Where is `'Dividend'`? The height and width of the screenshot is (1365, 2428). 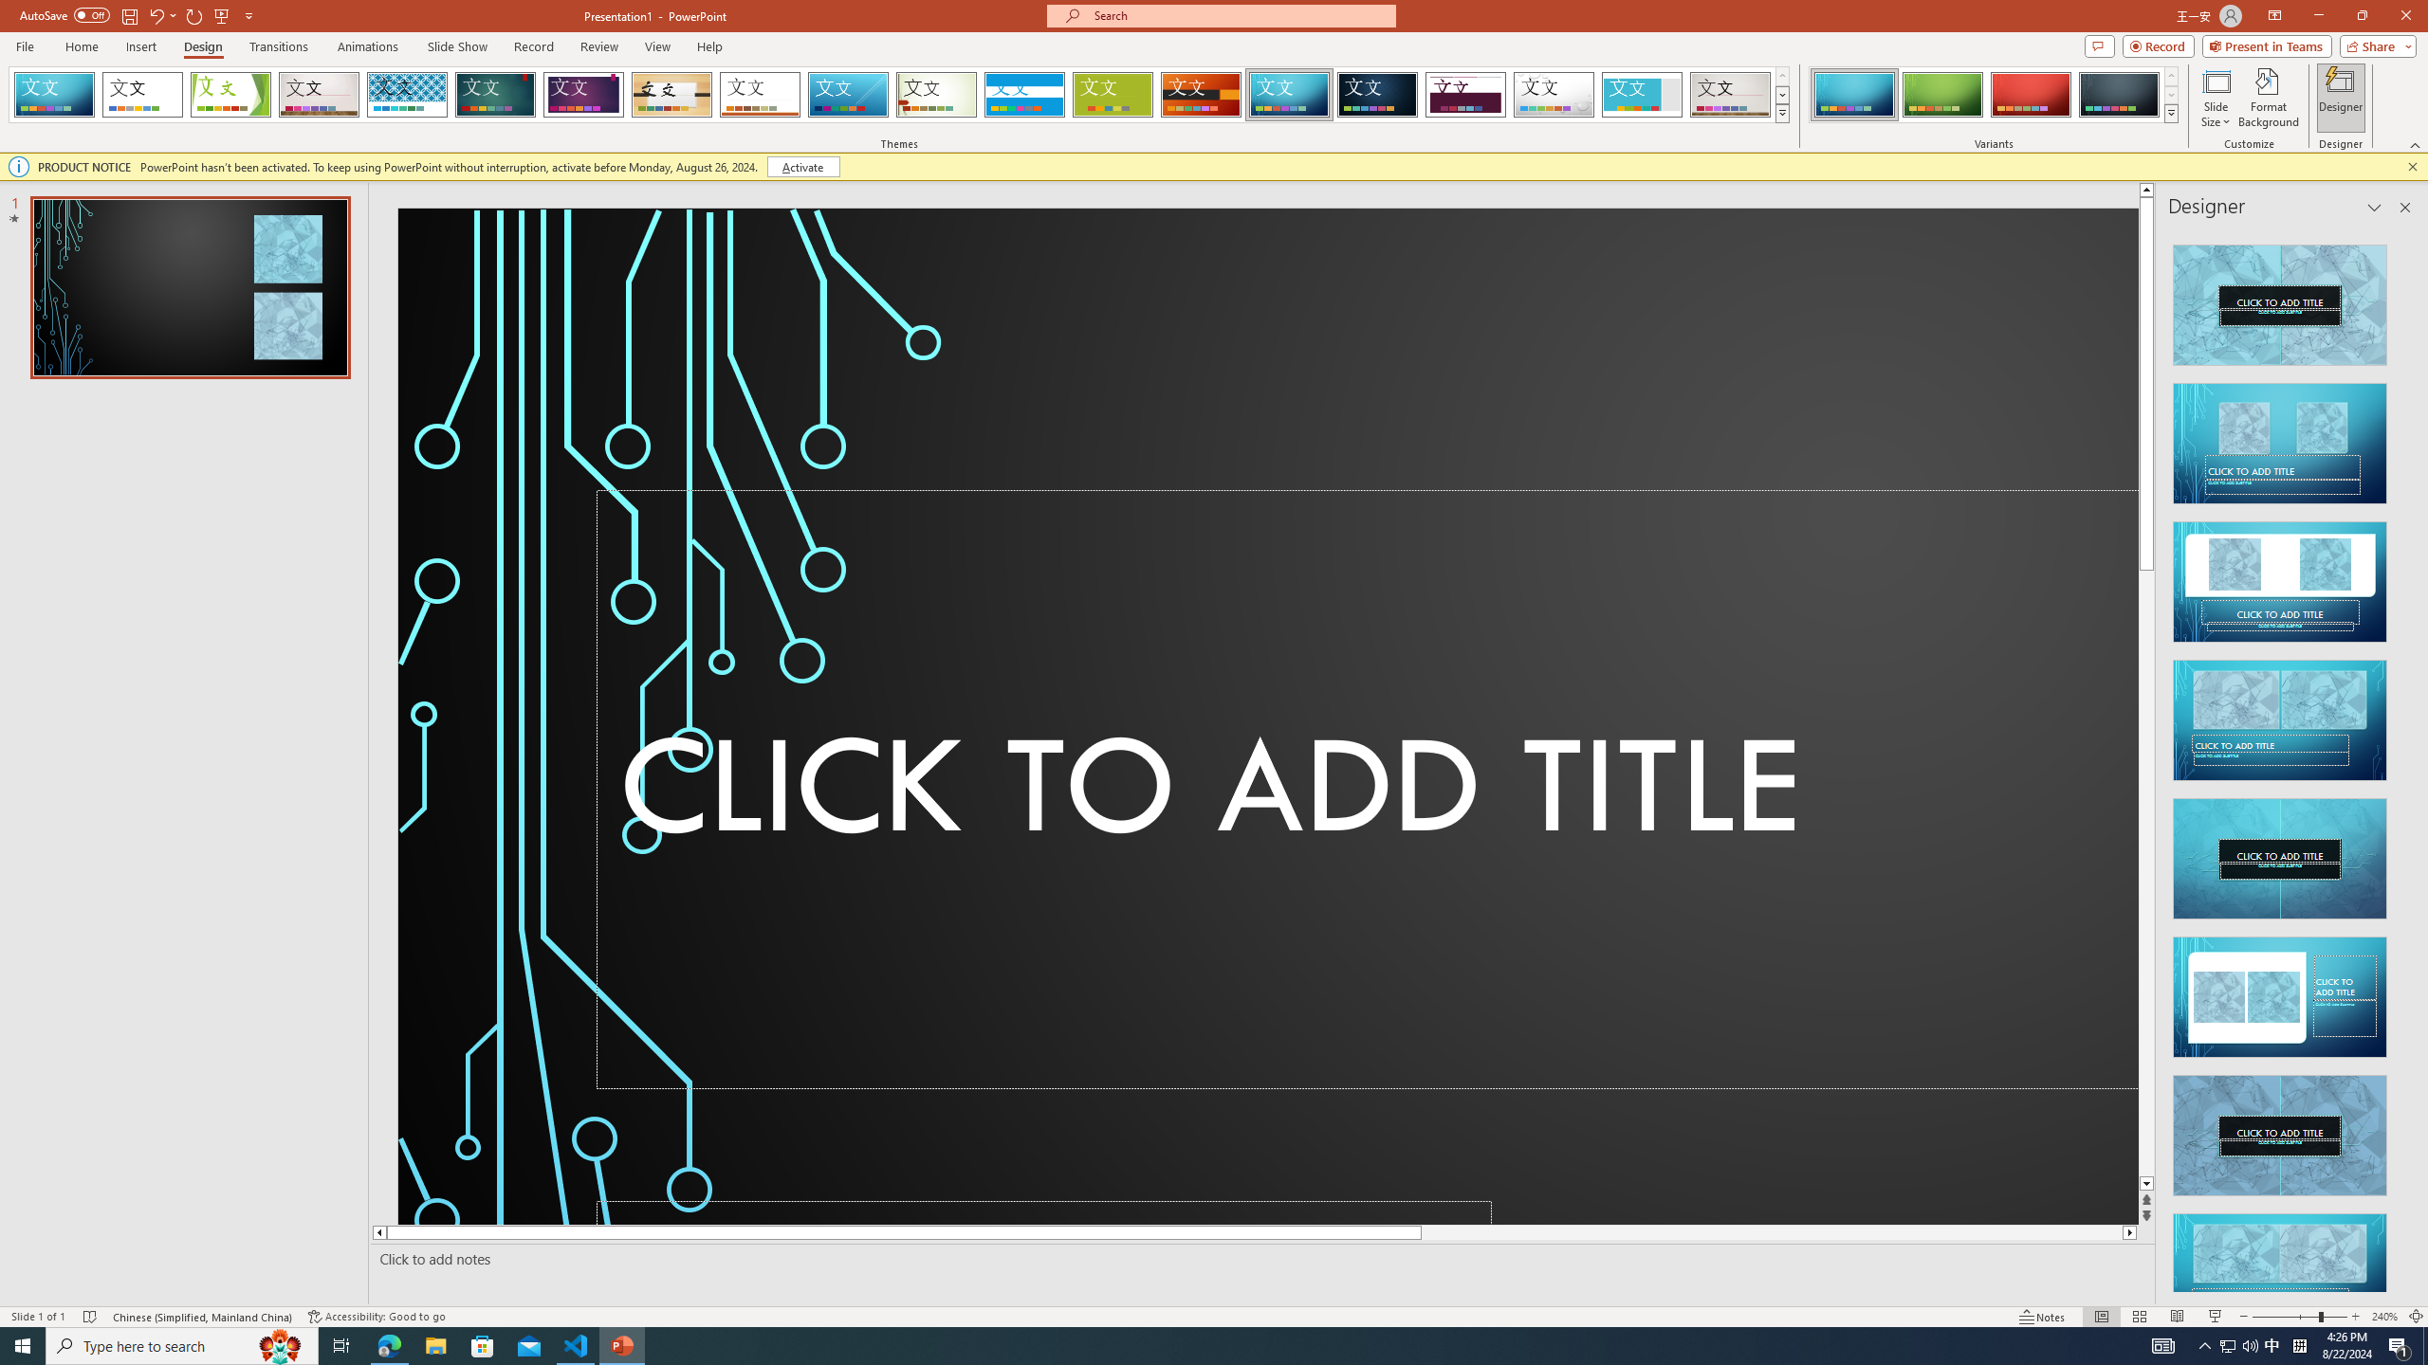
'Dividend' is located at coordinates (1465, 94).